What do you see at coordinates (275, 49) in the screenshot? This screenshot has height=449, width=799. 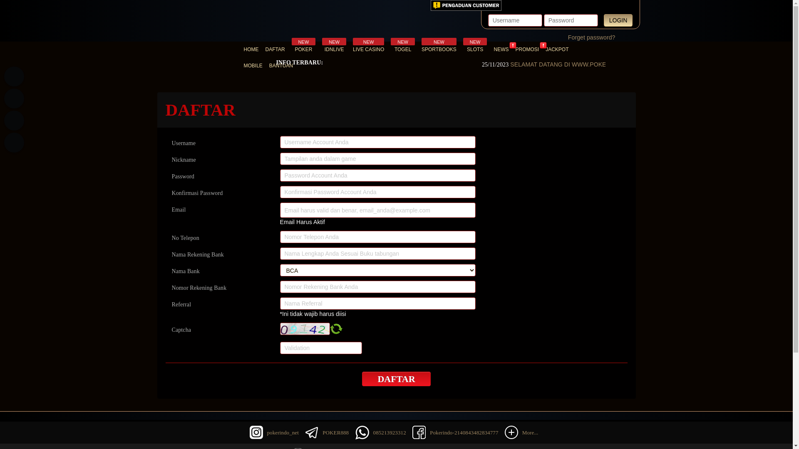 I see `'DAFTAR'` at bounding box center [275, 49].